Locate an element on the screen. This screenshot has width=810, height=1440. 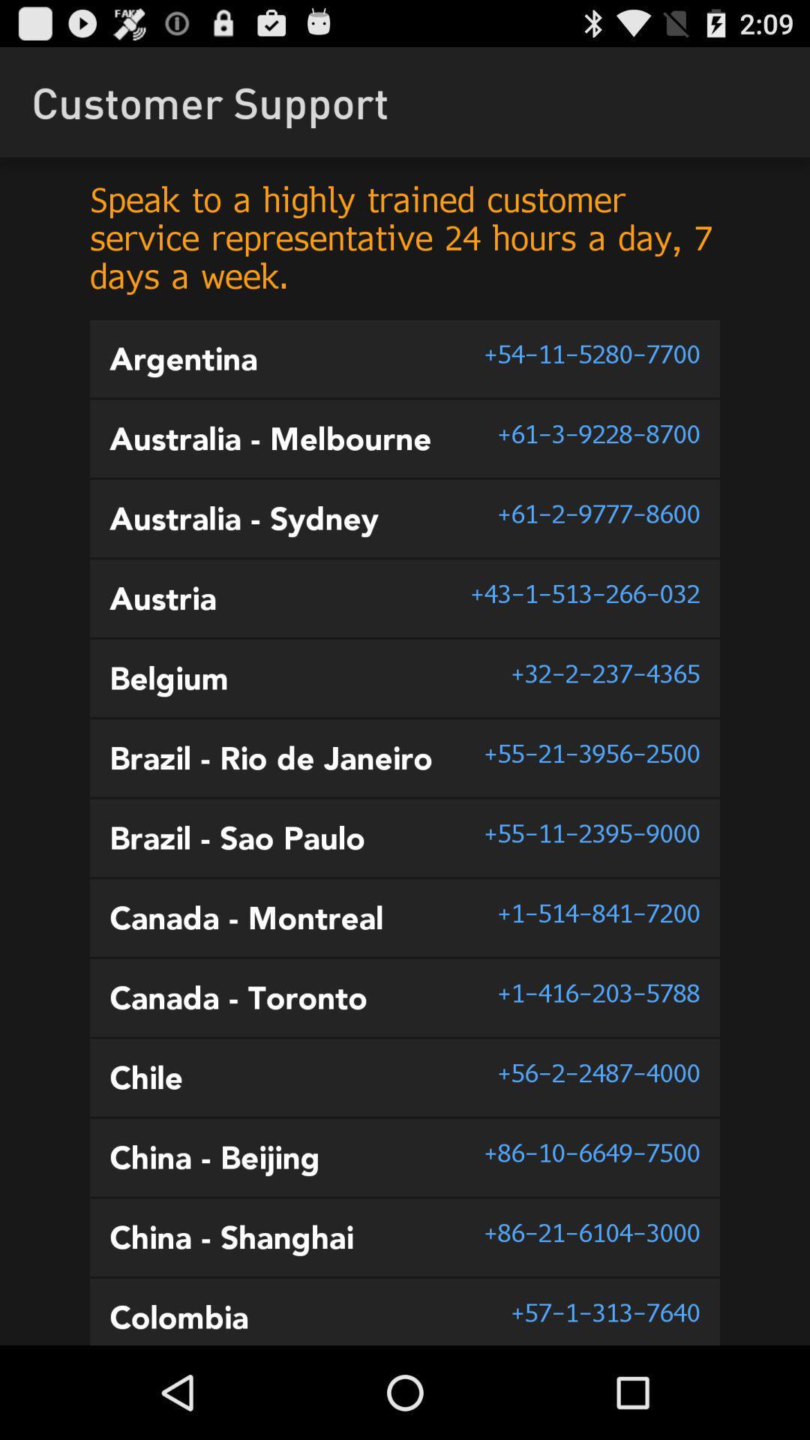
the item below 1 514 841 is located at coordinates (598, 993).